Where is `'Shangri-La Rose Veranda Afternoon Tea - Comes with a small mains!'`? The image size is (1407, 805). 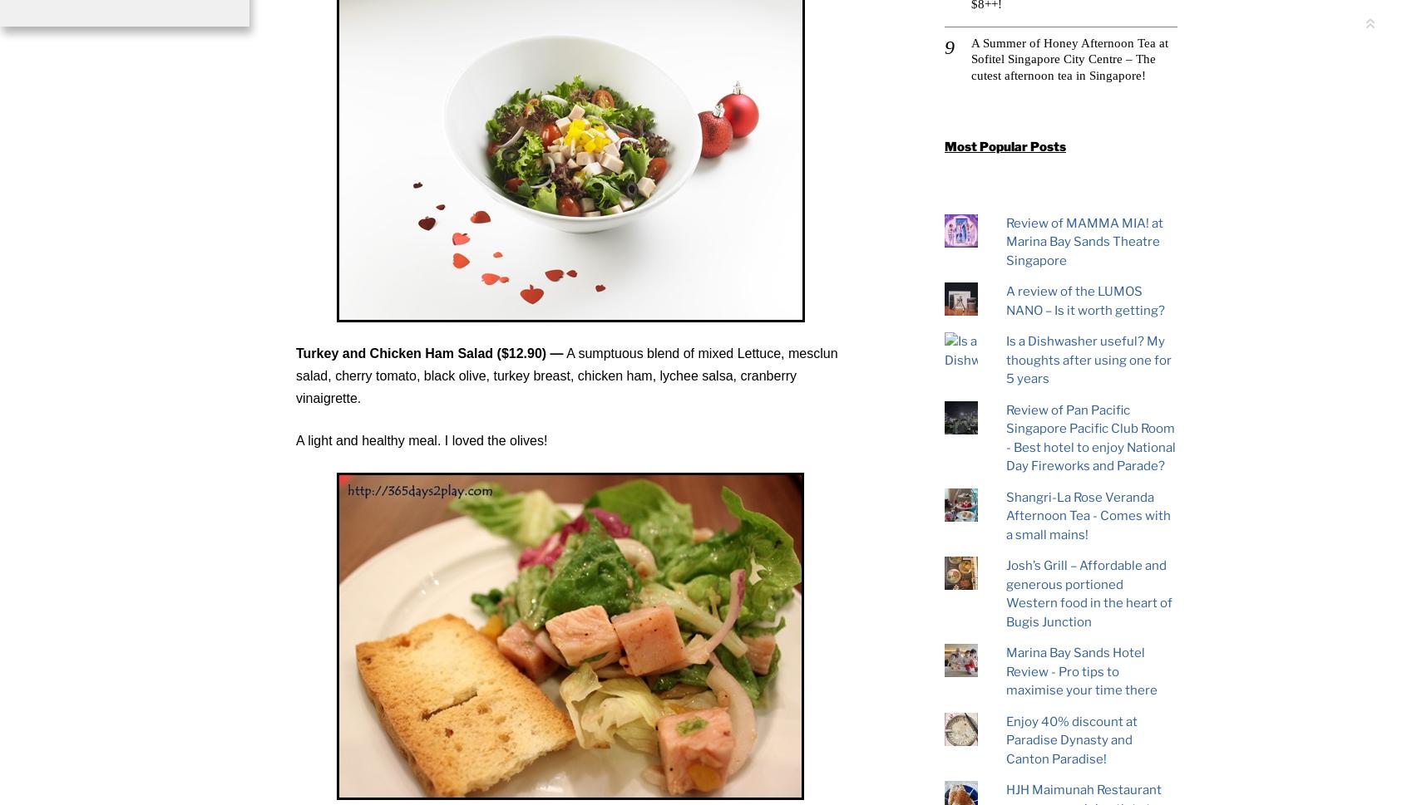 'Shangri-La Rose Veranda Afternoon Tea - Comes with a small mains!' is located at coordinates (1087, 515).